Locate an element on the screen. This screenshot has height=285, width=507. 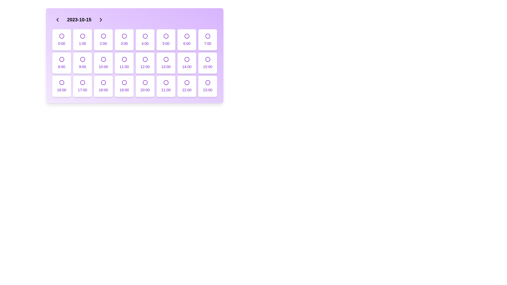
the button labeled '7:00' which is a rectangular button with rounded corners and a purple font, styled with a white background and shadow effect is located at coordinates (207, 39).